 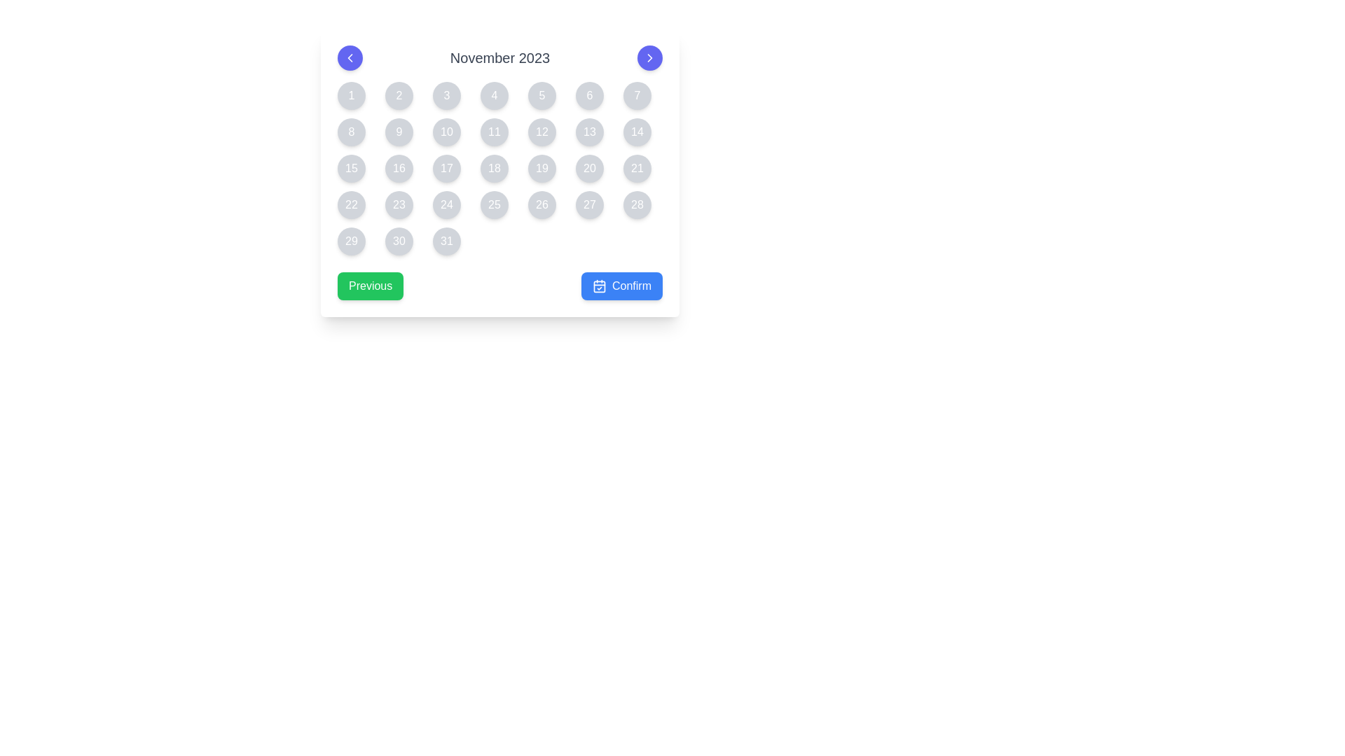 What do you see at coordinates (500, 167) in the screenshot?
I see `the circular button representing the date '18' in the calendar grid located below the 'November 2023' header` at bounding box center [500, 167].